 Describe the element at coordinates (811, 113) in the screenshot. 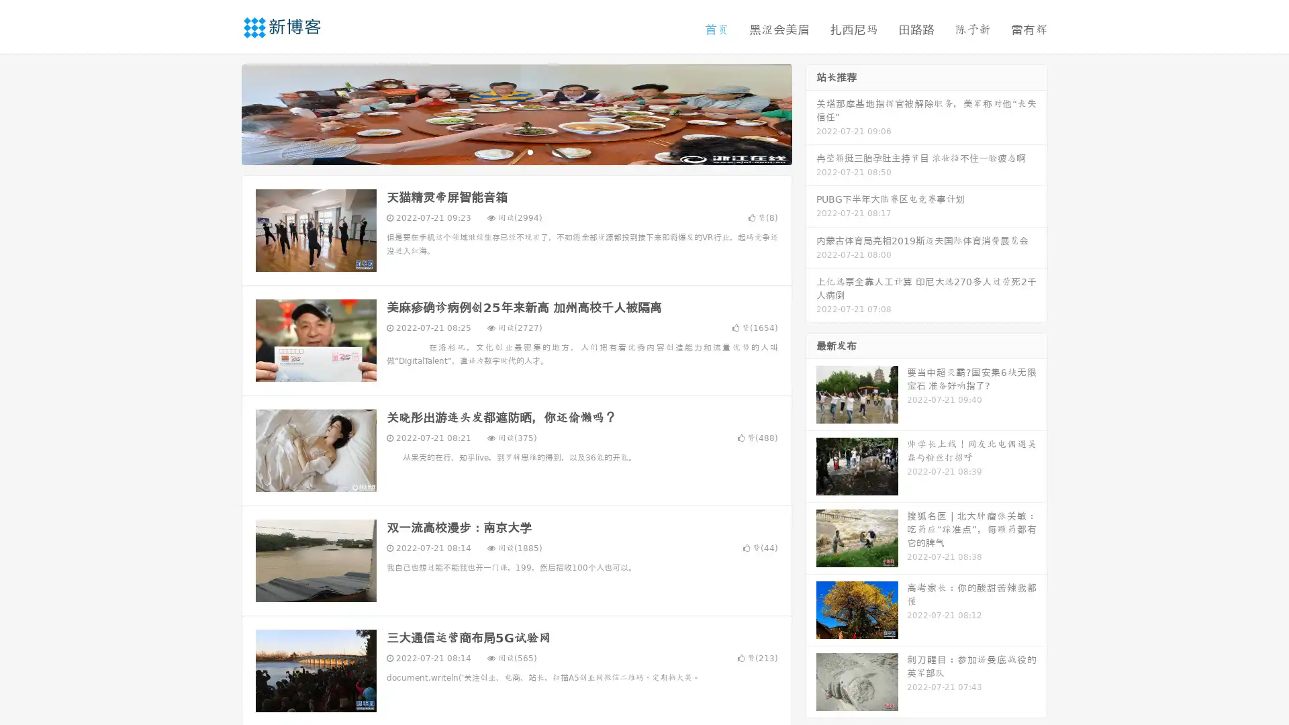

I see `Next slide` at that location.